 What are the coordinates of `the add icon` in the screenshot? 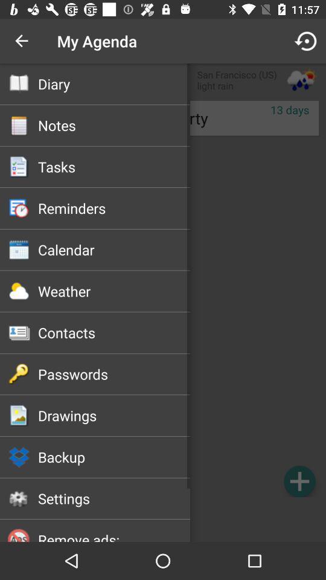 It's located at (299, 481).